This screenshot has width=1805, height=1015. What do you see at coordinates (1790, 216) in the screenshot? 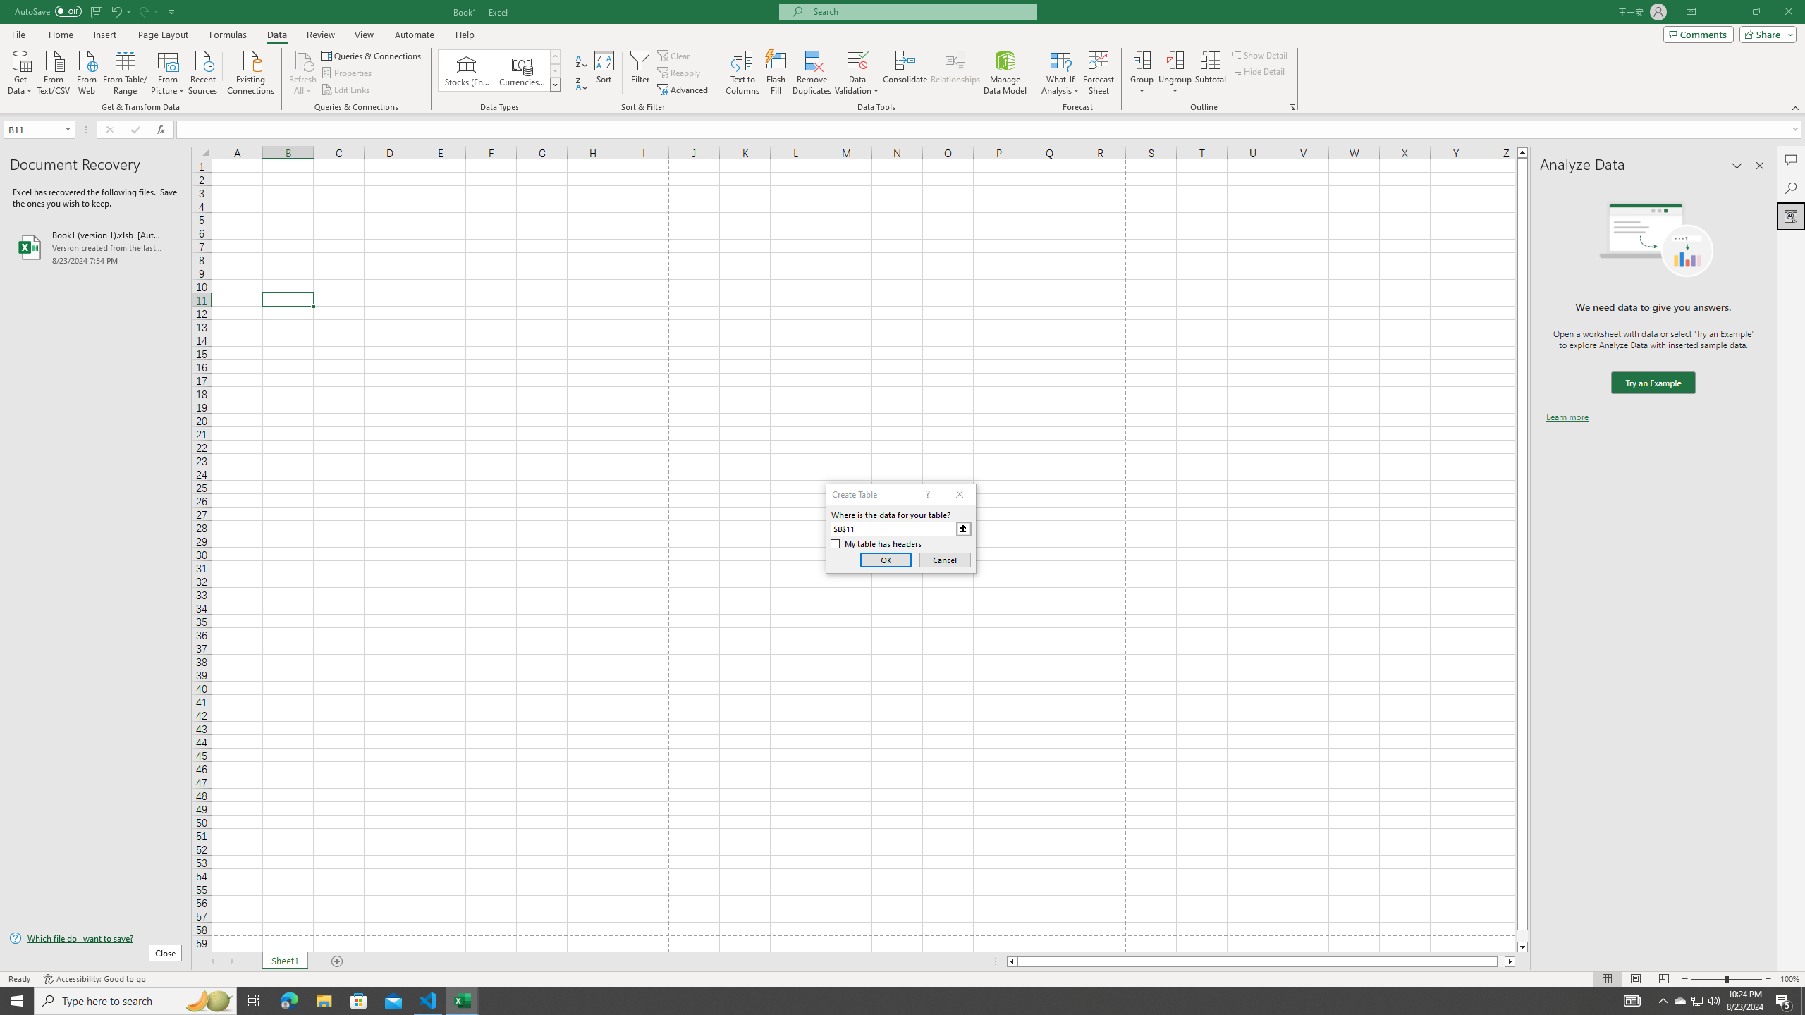
I see `'Analyze Data'` at bounding box center [1790, 216].